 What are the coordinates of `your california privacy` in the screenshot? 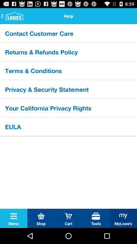 It's located at (68, 108).